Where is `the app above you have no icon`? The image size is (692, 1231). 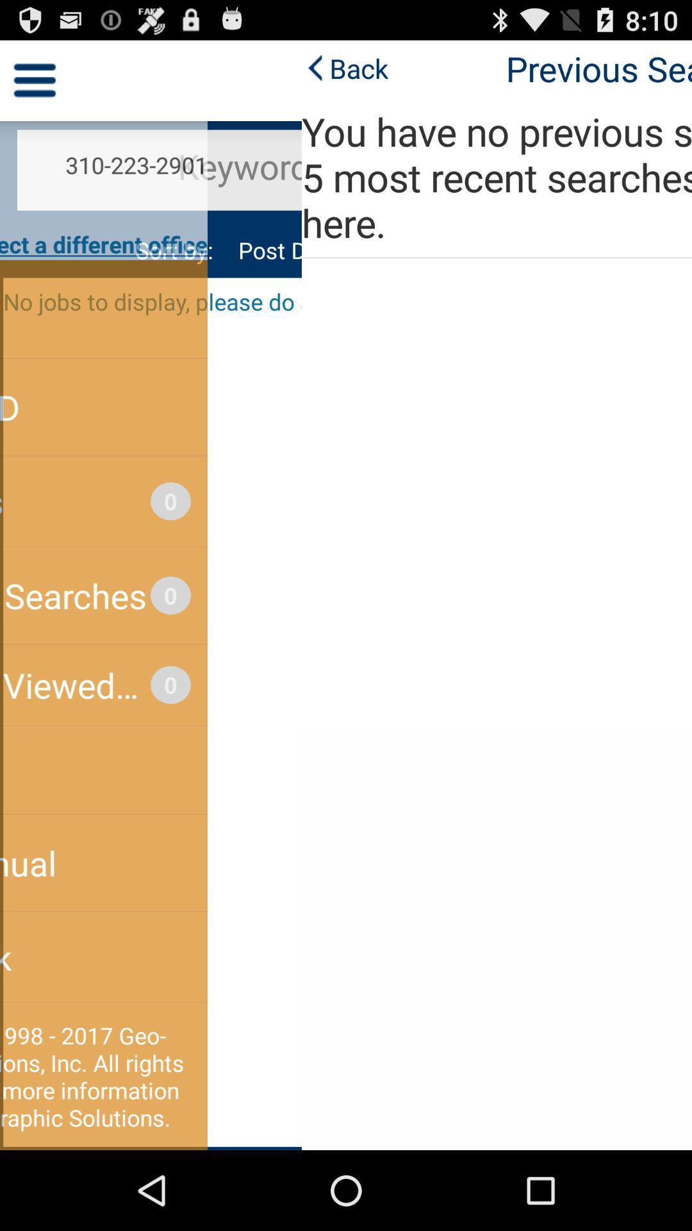
the app above you have no icon is located at coordinates (42, 67).